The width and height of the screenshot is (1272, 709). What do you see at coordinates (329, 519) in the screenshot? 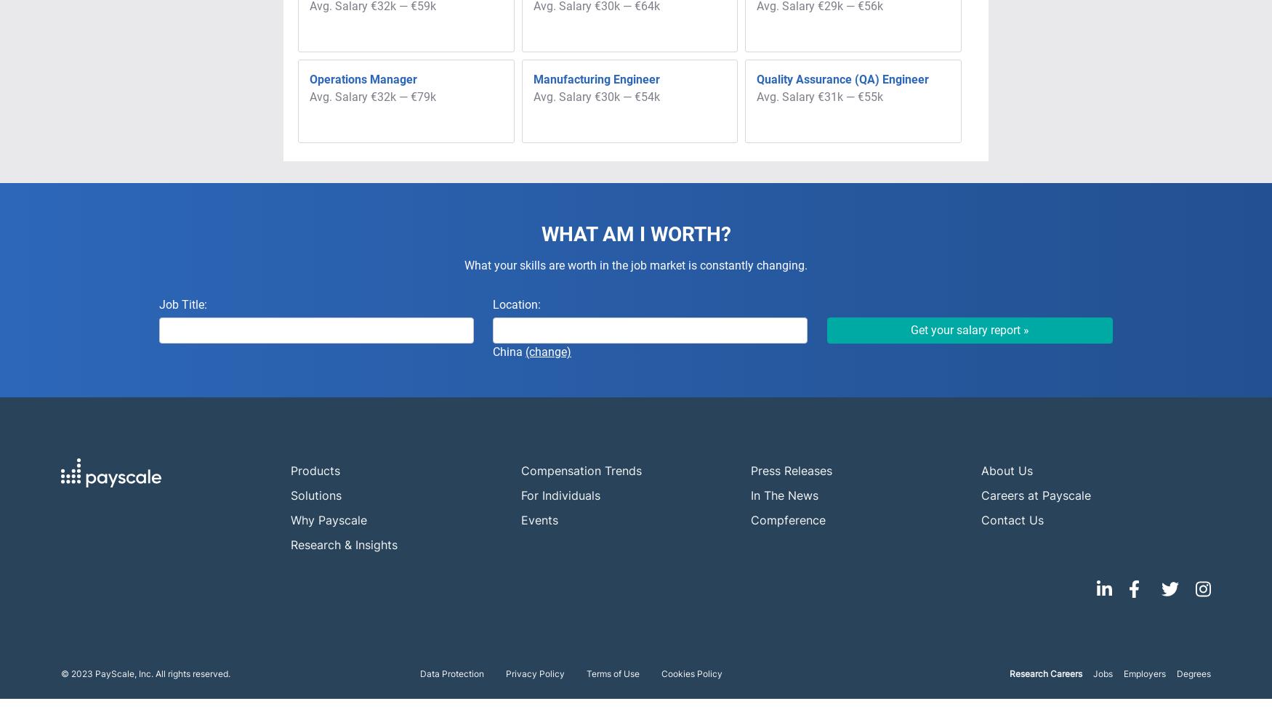
I see `'Why Payscale'` at bounding box center [329, 519].